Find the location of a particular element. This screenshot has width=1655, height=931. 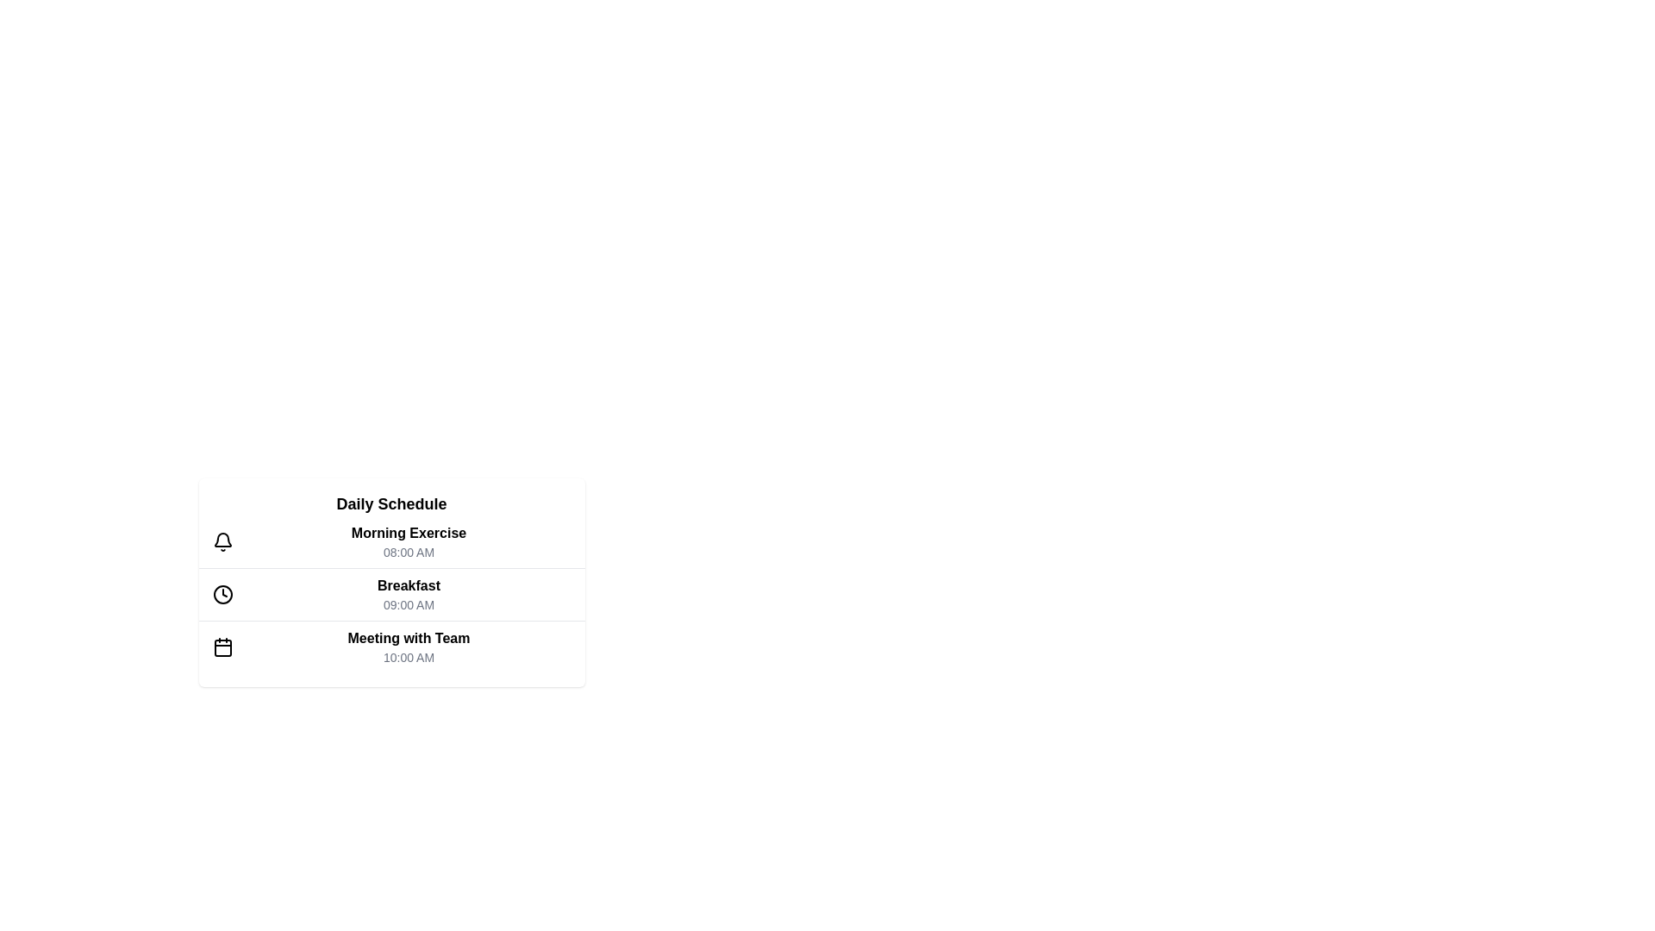

the text label displaying '08:00 AM' located under 'Morning Exercise' in the 'Daily Schedule' section is located at coordinates (408, 552).